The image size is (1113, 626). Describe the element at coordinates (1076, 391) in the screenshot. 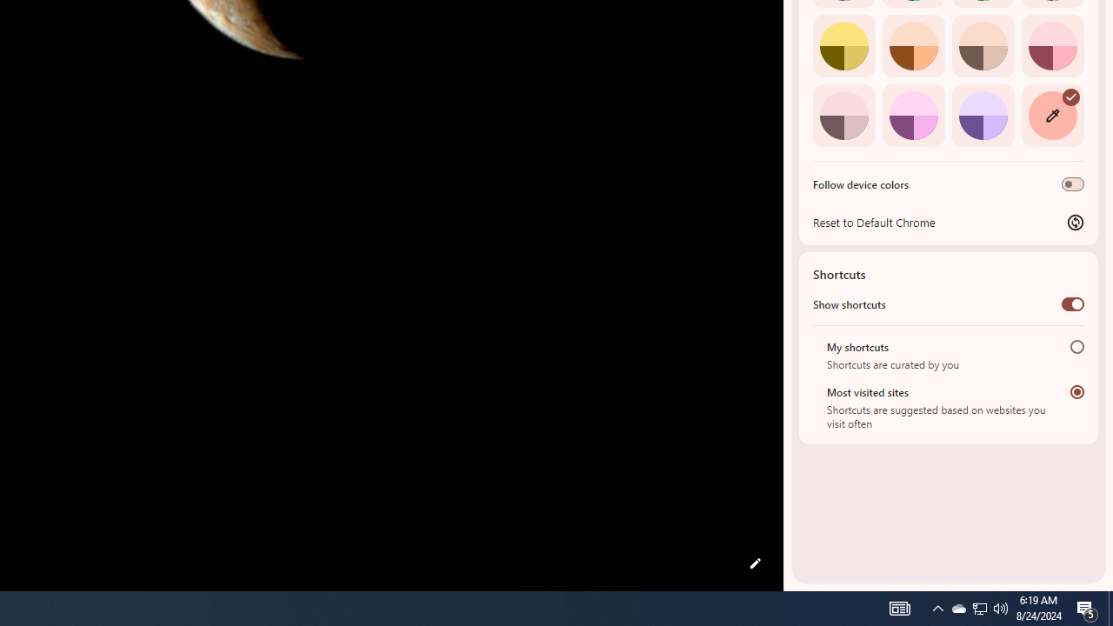

I see `'Most visited sites'` at that location.